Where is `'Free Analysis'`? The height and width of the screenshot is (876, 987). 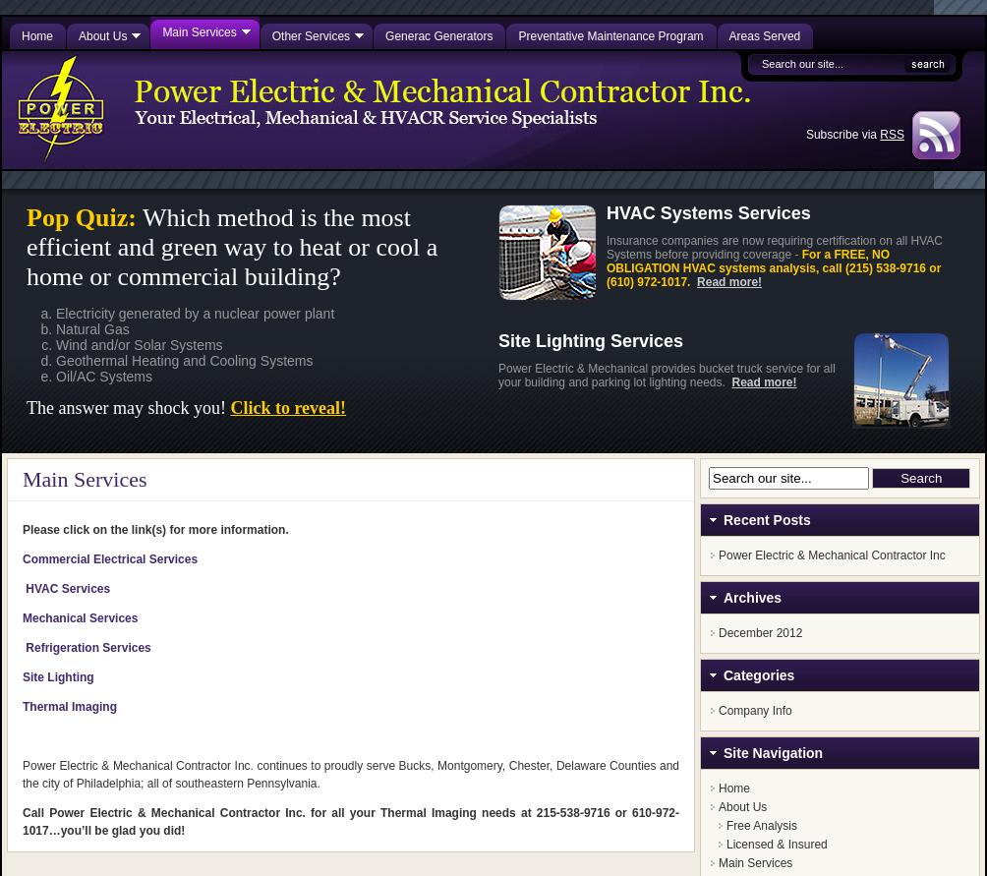
'Free Analysis' is located at coordinates (761, 825).